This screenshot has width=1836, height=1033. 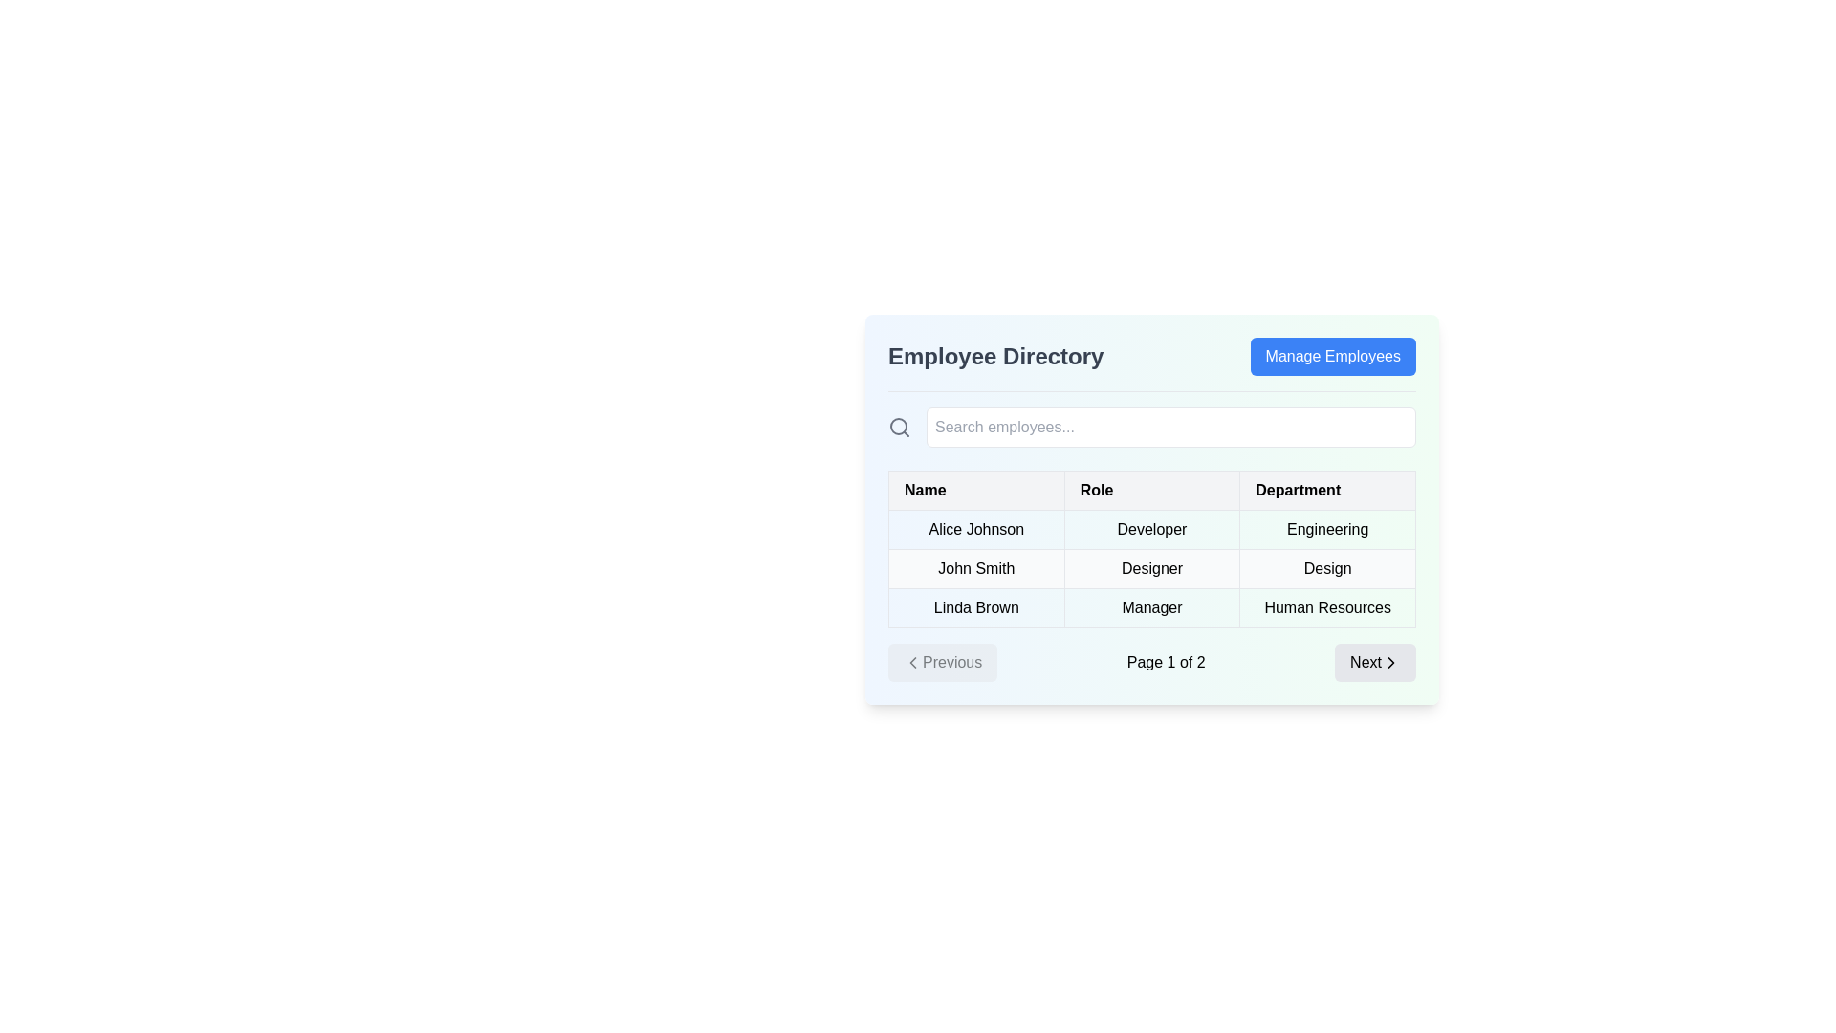 What do you see at coordinates (1326, 567) in the screenshot?
I see `the Text Label displaying 'Designer' for employee 'John Smith' in the Department column of the employee directory table` at bounding box center [1326, 567].